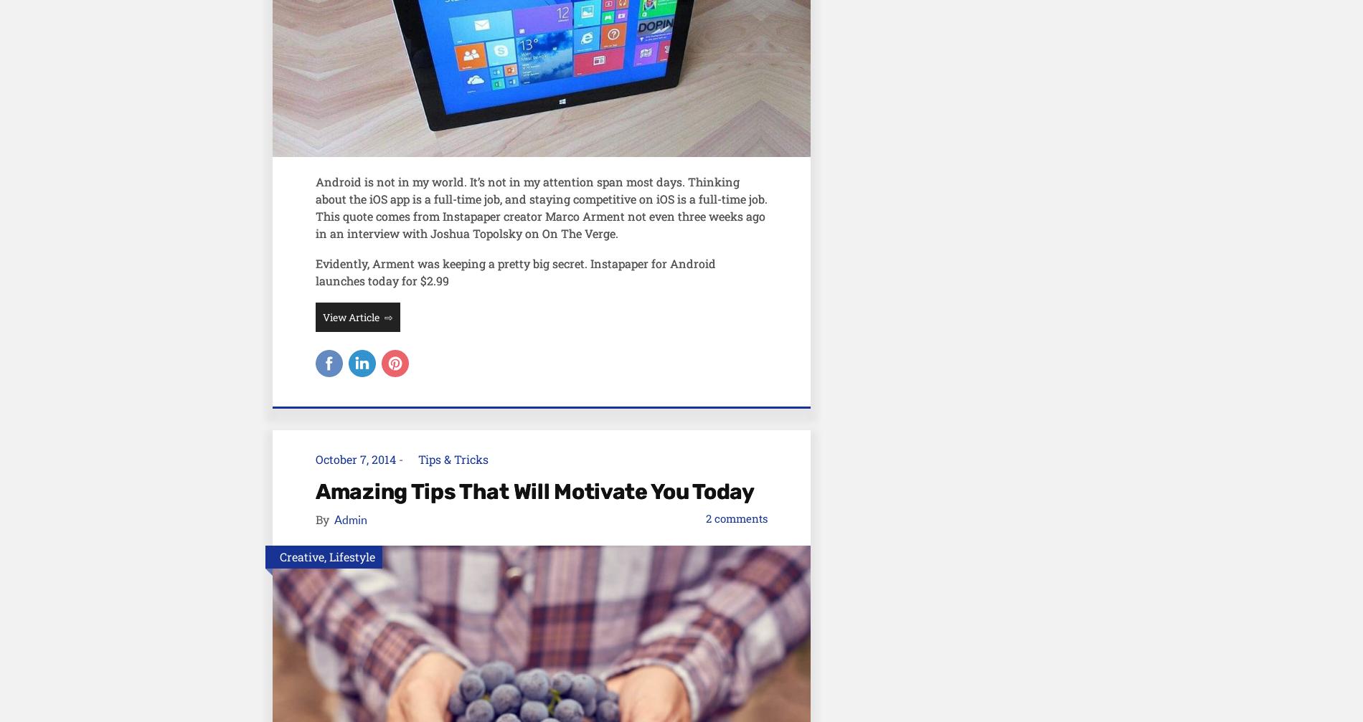 This screenshot has height=722, width=1363. Describe the element at coordinates (541, 206) in the screenshot. I see `'ndroid is not in my world. It’s not in my attention span most days. Thinking about the iOS app is a full-time job, and staying competitive on iOS is a full-time job. This quote comes from Instapaper creator Marco Arment not even three weeks ago in an interview with Joshua Topolsky on On The Verge.'` at that location.